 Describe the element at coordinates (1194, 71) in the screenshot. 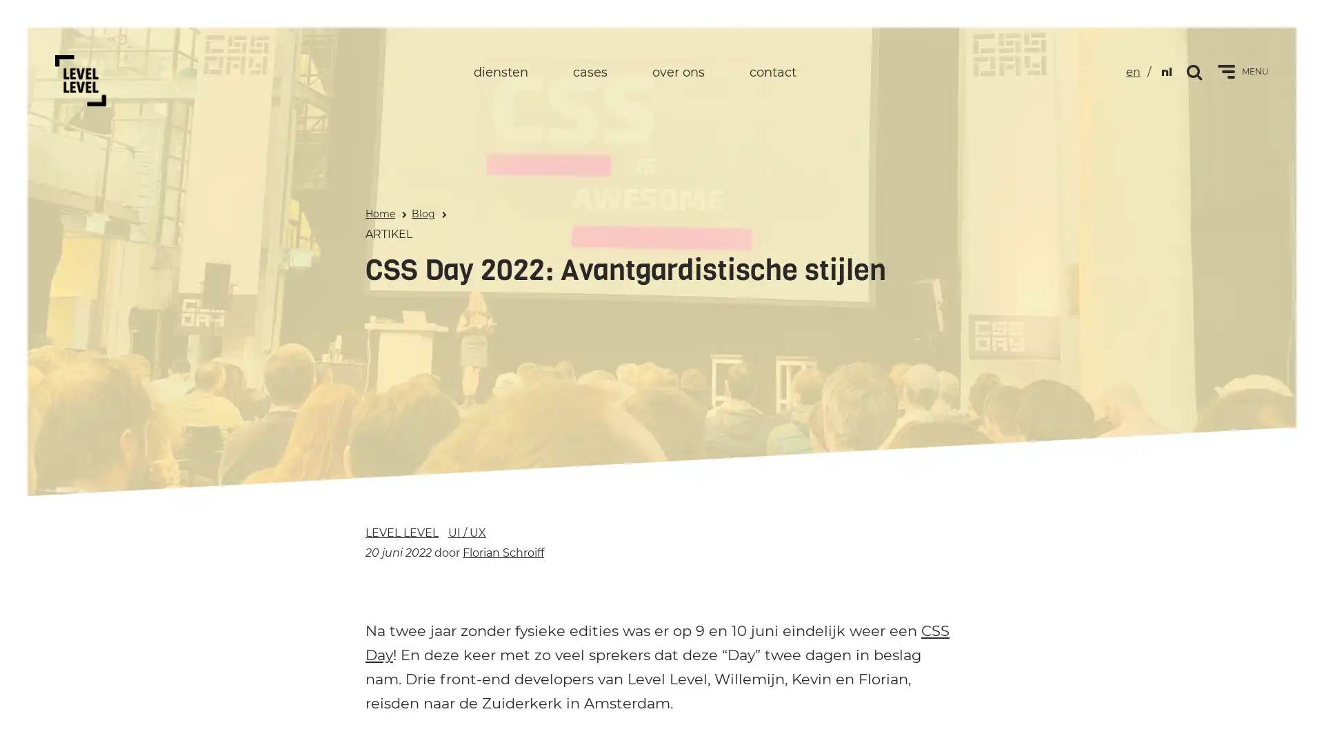

I see `Zoeken` at that location.